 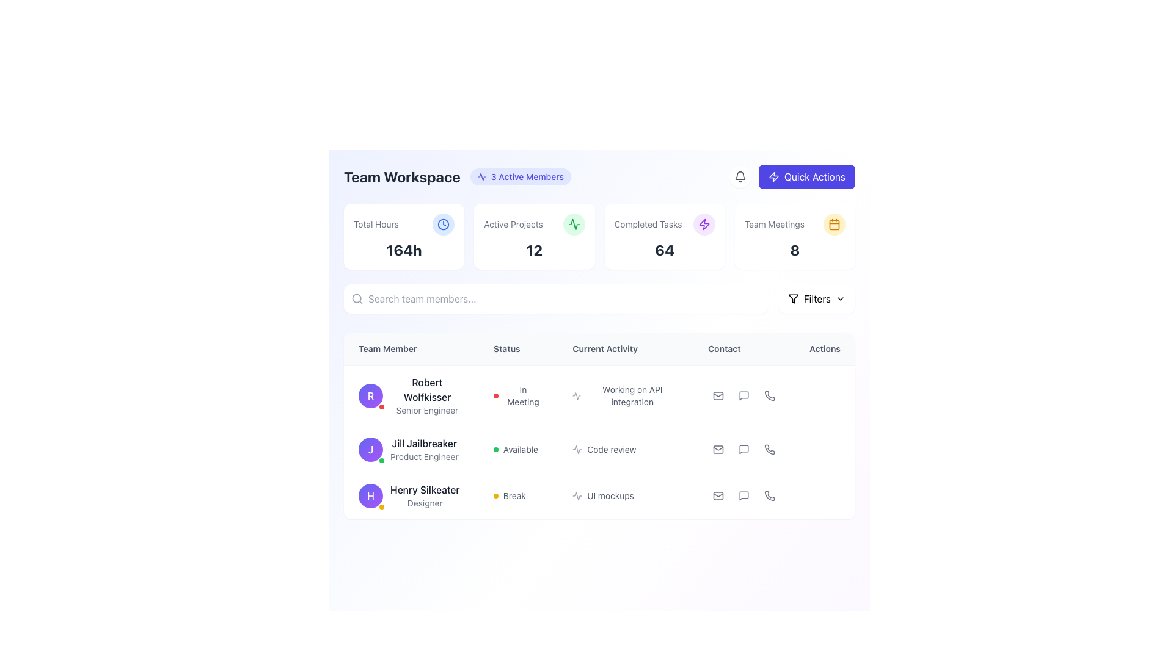 What do you see at coordinates (795, 237) in the screenshot?
I see `the Informational Card displaying 'Team Meetings' with the number '8' and a calendar icon to the right, located in the top-right section of the interface` at bounding box center [795, 237].